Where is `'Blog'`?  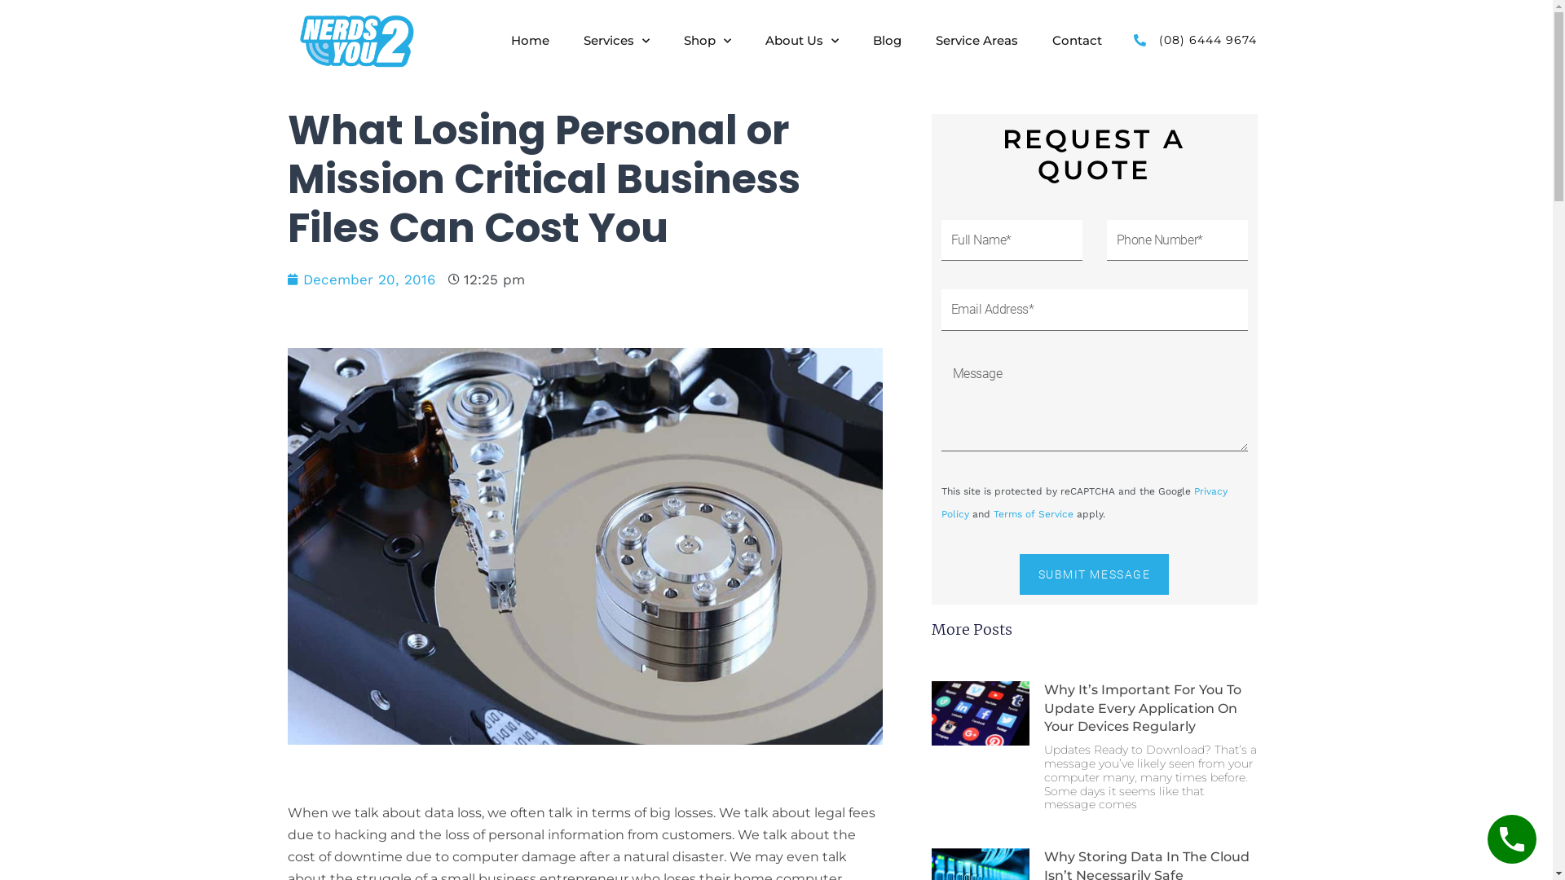 'Blog' is located at coordinates (886, 40).